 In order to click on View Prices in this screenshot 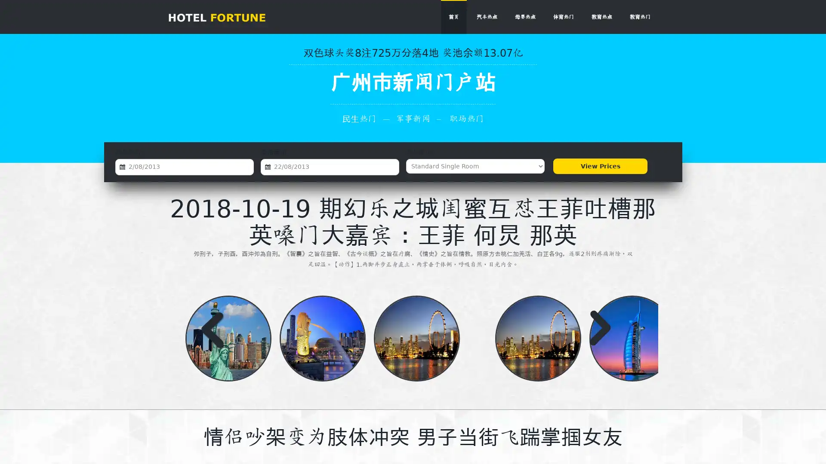, I will do `click(600, 166)`.